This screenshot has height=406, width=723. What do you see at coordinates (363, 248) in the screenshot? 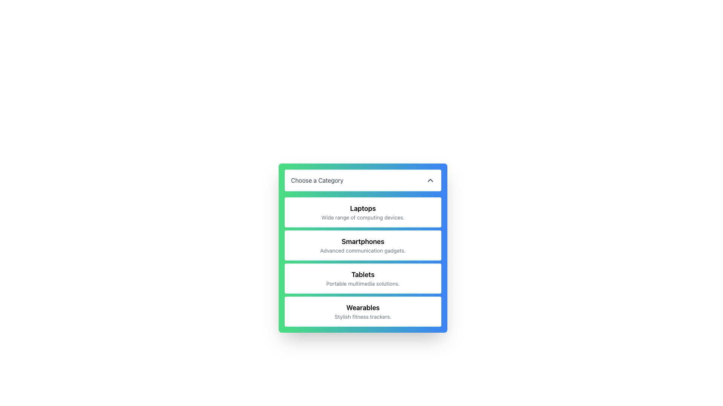
I see `the 'Smartphones' option in the categorized list` at bounding box center [363, 248].